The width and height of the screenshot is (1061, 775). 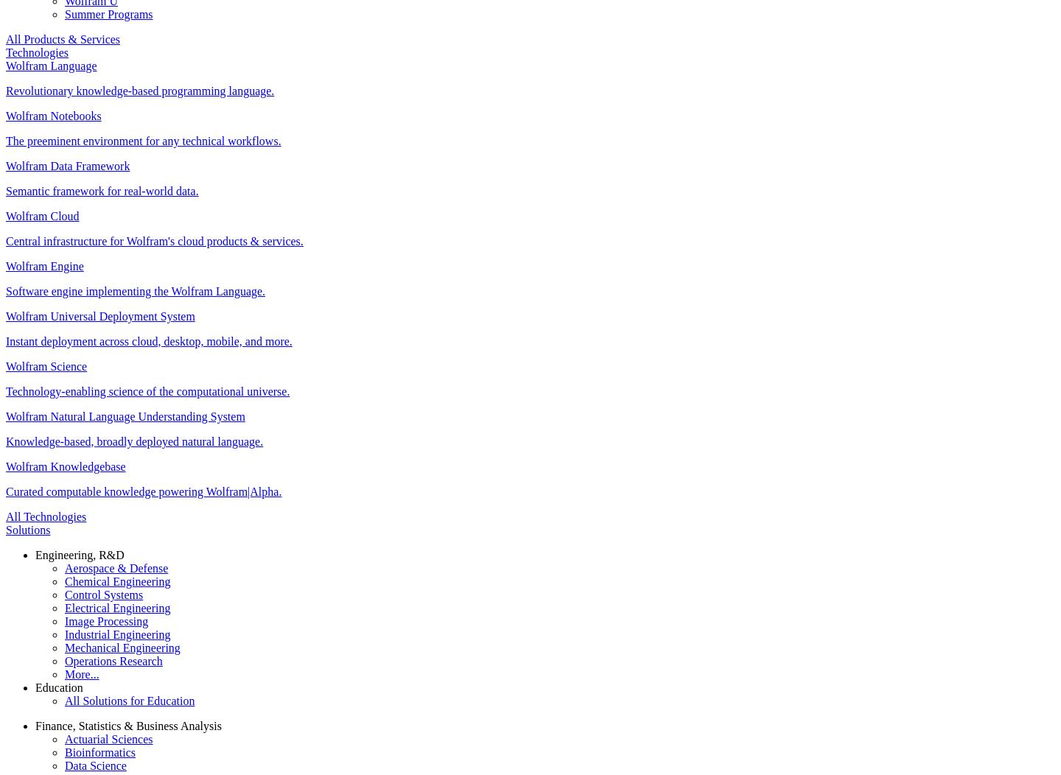 What do you see at coordinates (99, 751) in the screenshot?
I see `'Bioinformatics'` at bounding box center [99, 751].